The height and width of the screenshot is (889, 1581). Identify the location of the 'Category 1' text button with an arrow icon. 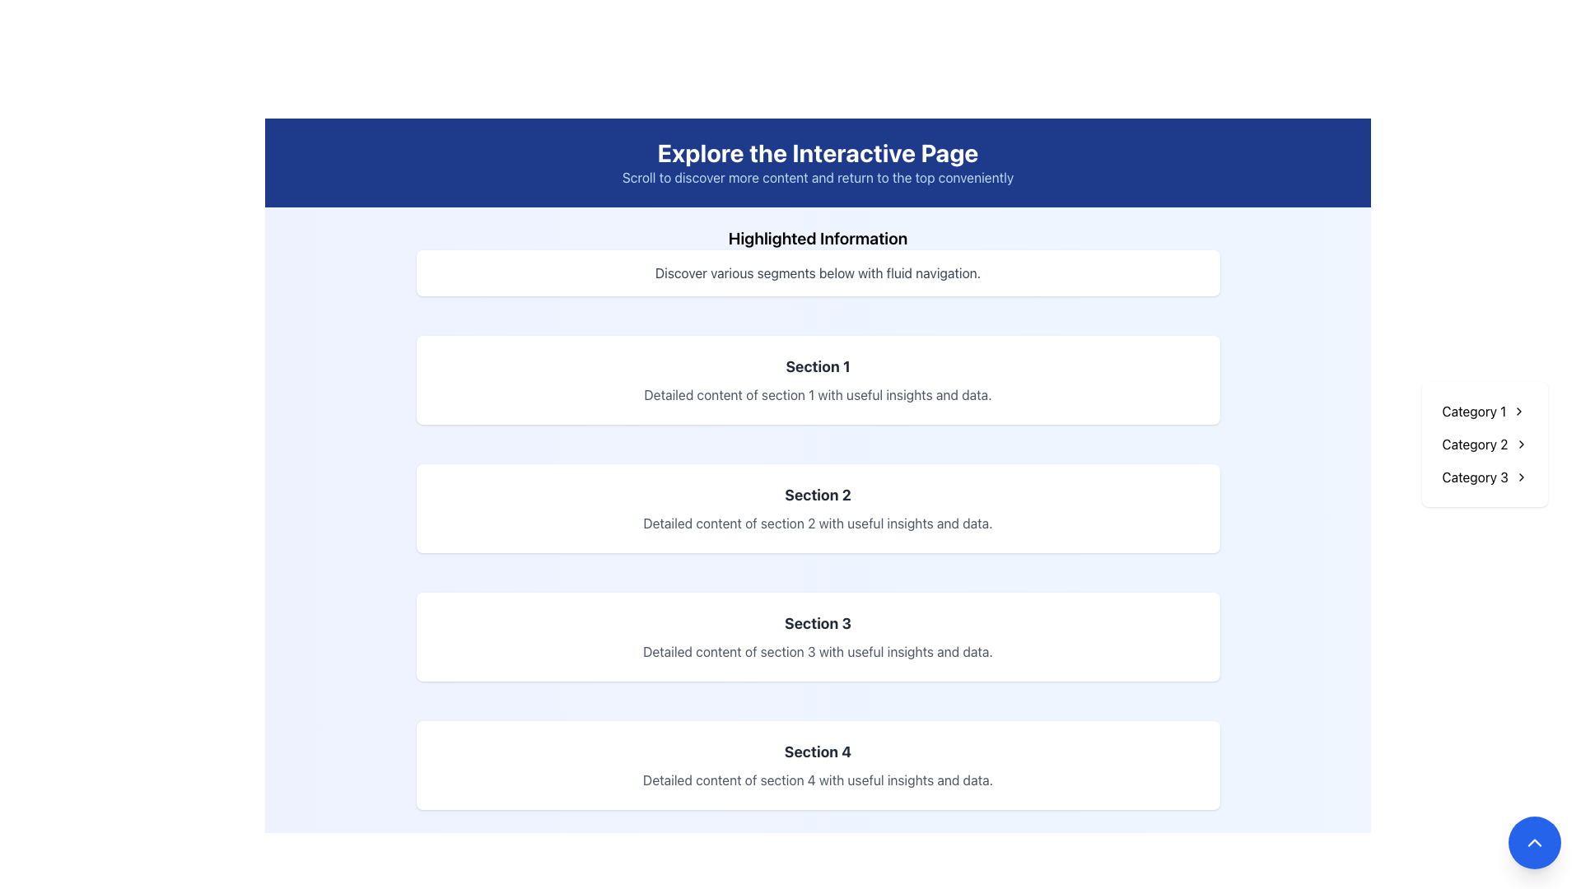
(1485, 411).